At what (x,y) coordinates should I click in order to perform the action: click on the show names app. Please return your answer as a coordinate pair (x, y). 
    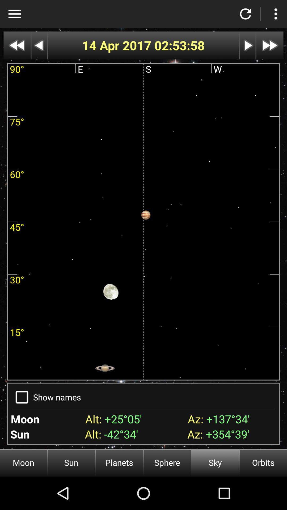
    Looking at the image, I should click on (57, 397).